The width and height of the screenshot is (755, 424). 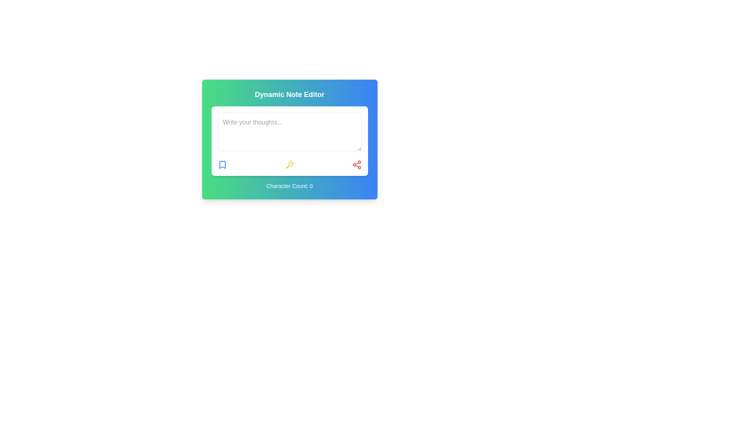 What do you see at coordinates (289, 164) in the screenshot?
I see `the icon button represented as a magic wand with a yellow outline, located at the center of the interface and part of a group of three icons below the text field` at bounding box center [289, 164].